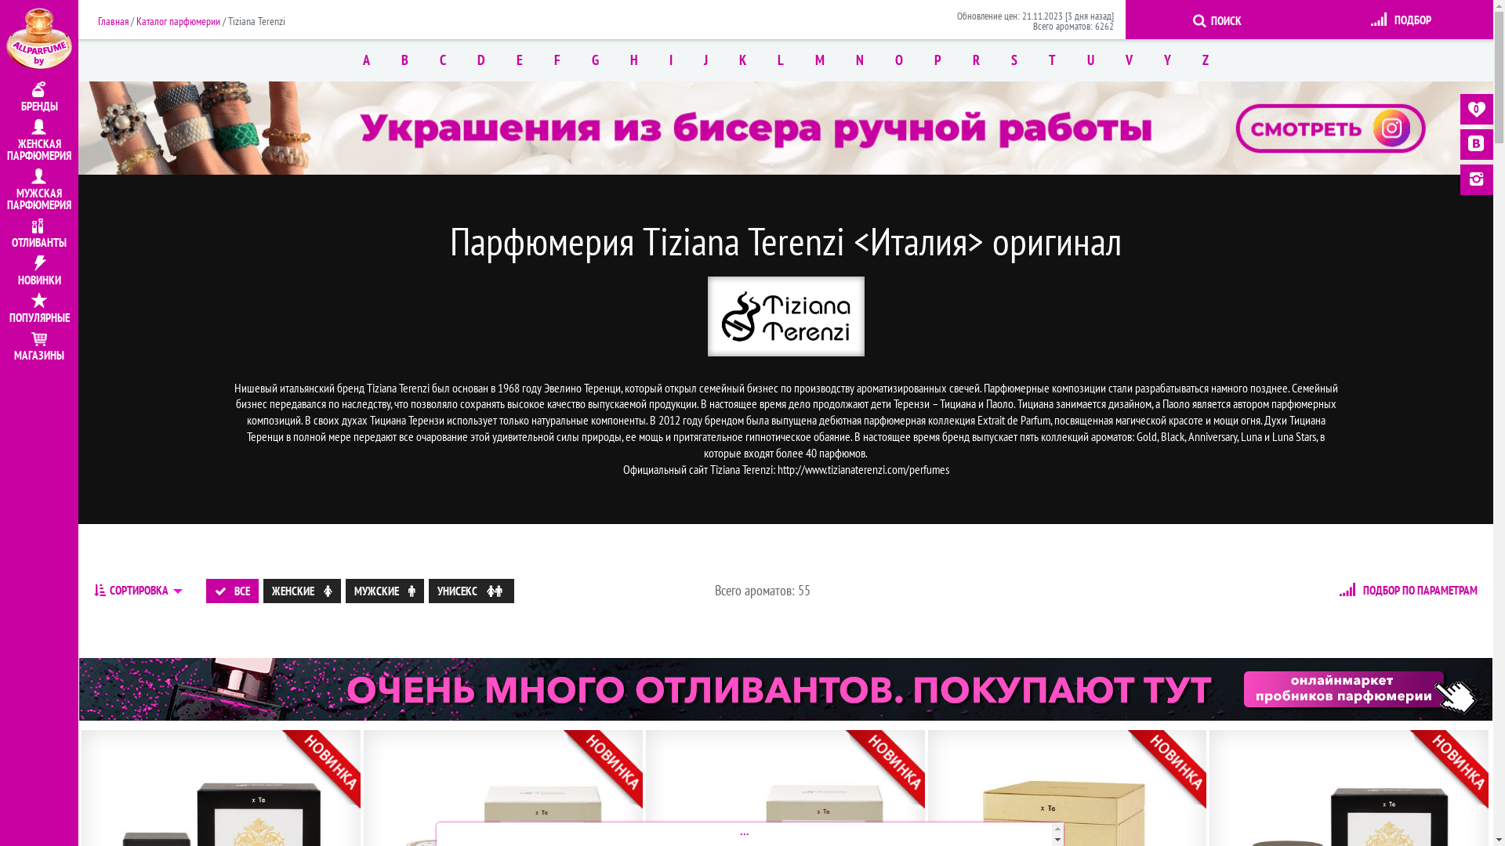 The height and width of the screenshot is (846, 1505). I want to click on 'H', so click(634, 60).